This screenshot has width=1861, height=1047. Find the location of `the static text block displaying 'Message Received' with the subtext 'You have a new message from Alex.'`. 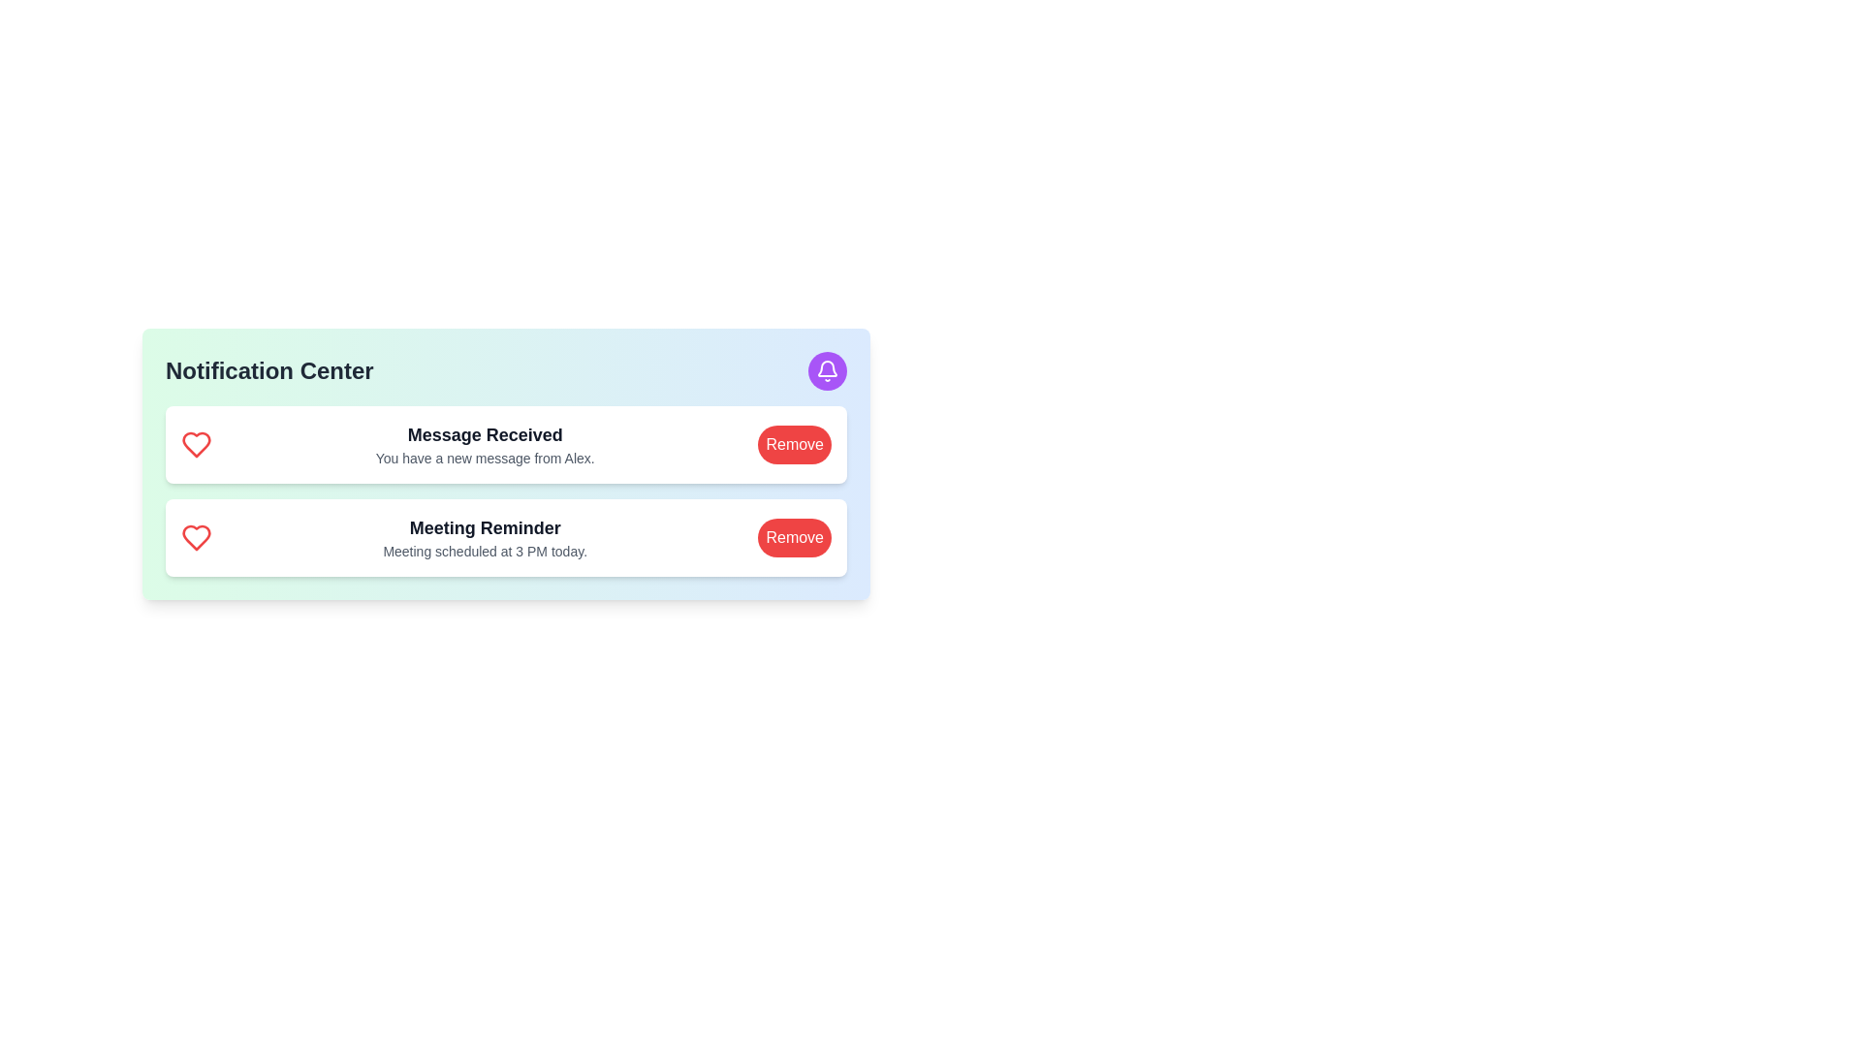

the static text block displaying 'Message Received' with the subtext 'You have a new message from Alex.' is located at coordinates (485, 445).